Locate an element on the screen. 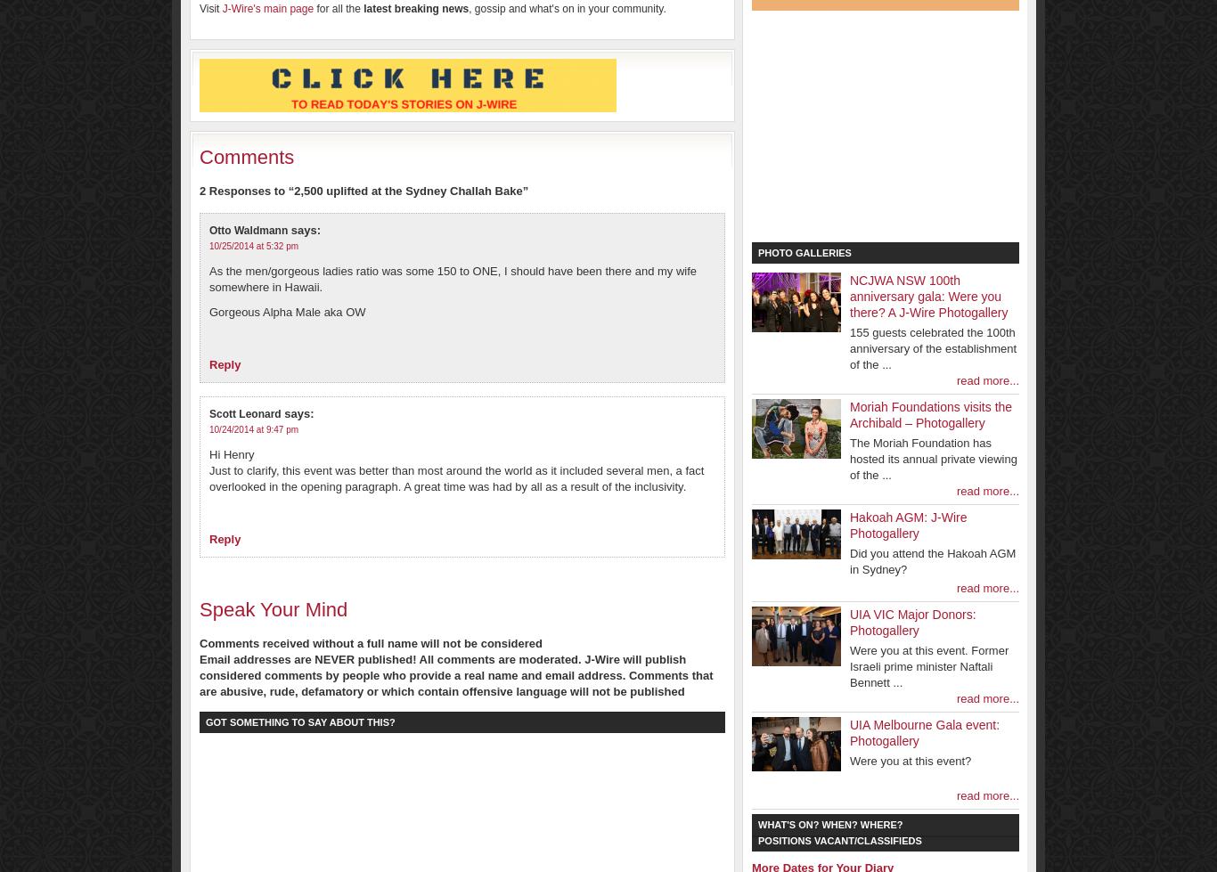  'Comments' is located at coordinates (247, 156).